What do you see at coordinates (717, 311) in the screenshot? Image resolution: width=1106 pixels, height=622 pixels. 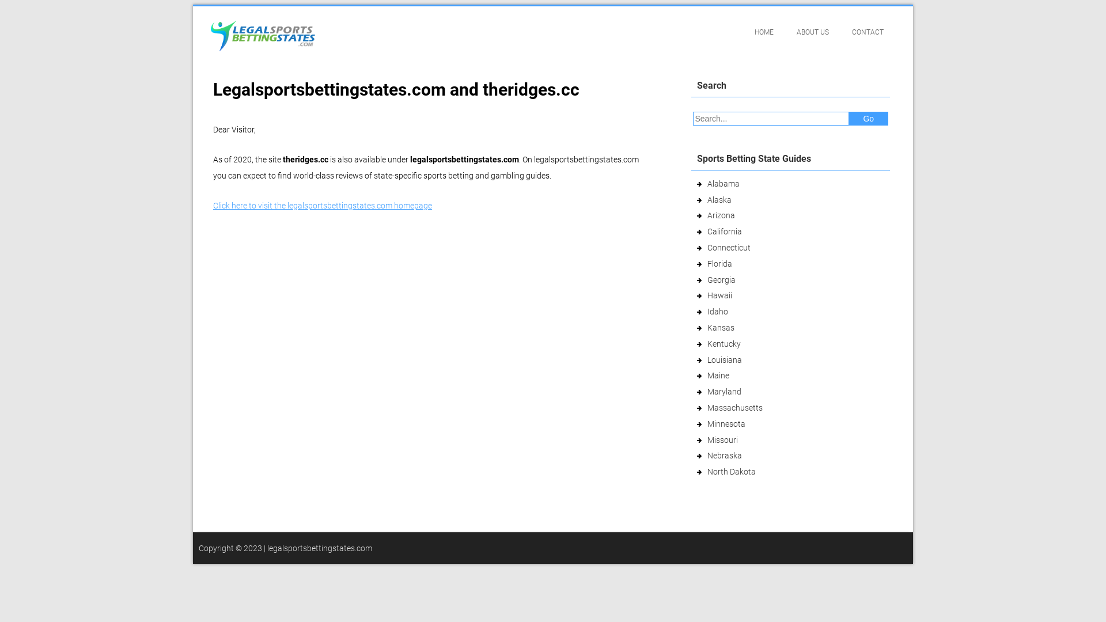 I see `'Idaho'` at bounding box center [717, 311].